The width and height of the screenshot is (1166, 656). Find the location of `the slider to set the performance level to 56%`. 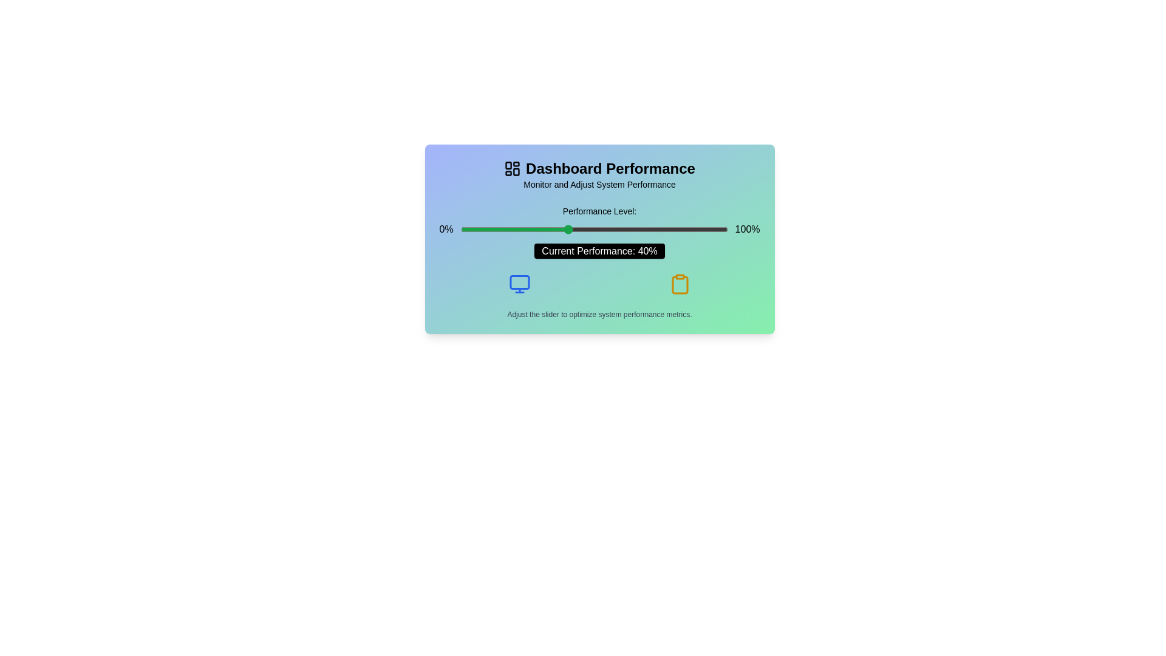

the slider to set the performance level to 56% is located at coordinates (610, 230).